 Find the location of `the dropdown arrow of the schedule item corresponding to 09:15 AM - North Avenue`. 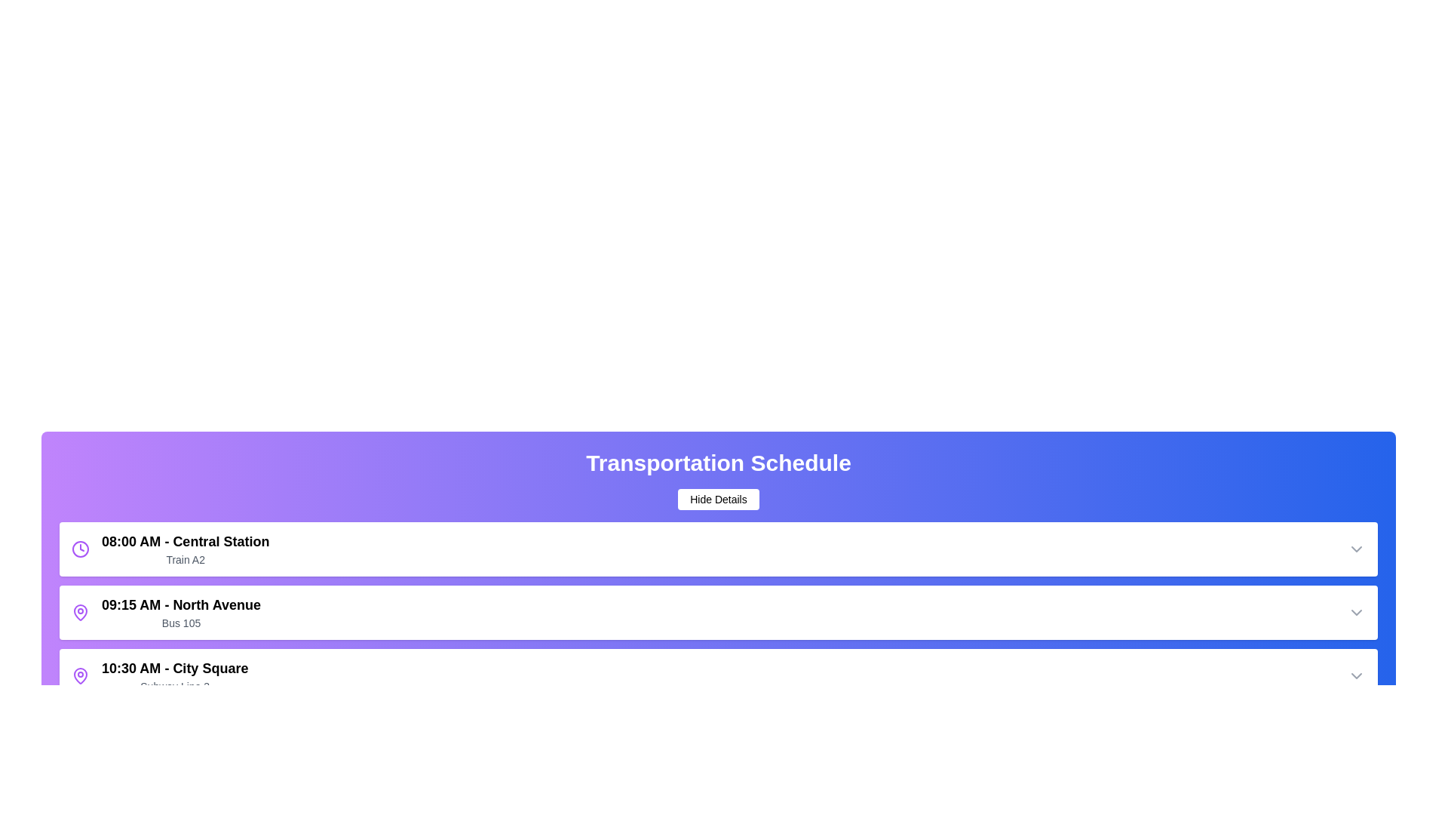

the dropdown arrow of the schedule item corresponding to 09:15 AM - North Avenue is located at coordinates (1357, 613).